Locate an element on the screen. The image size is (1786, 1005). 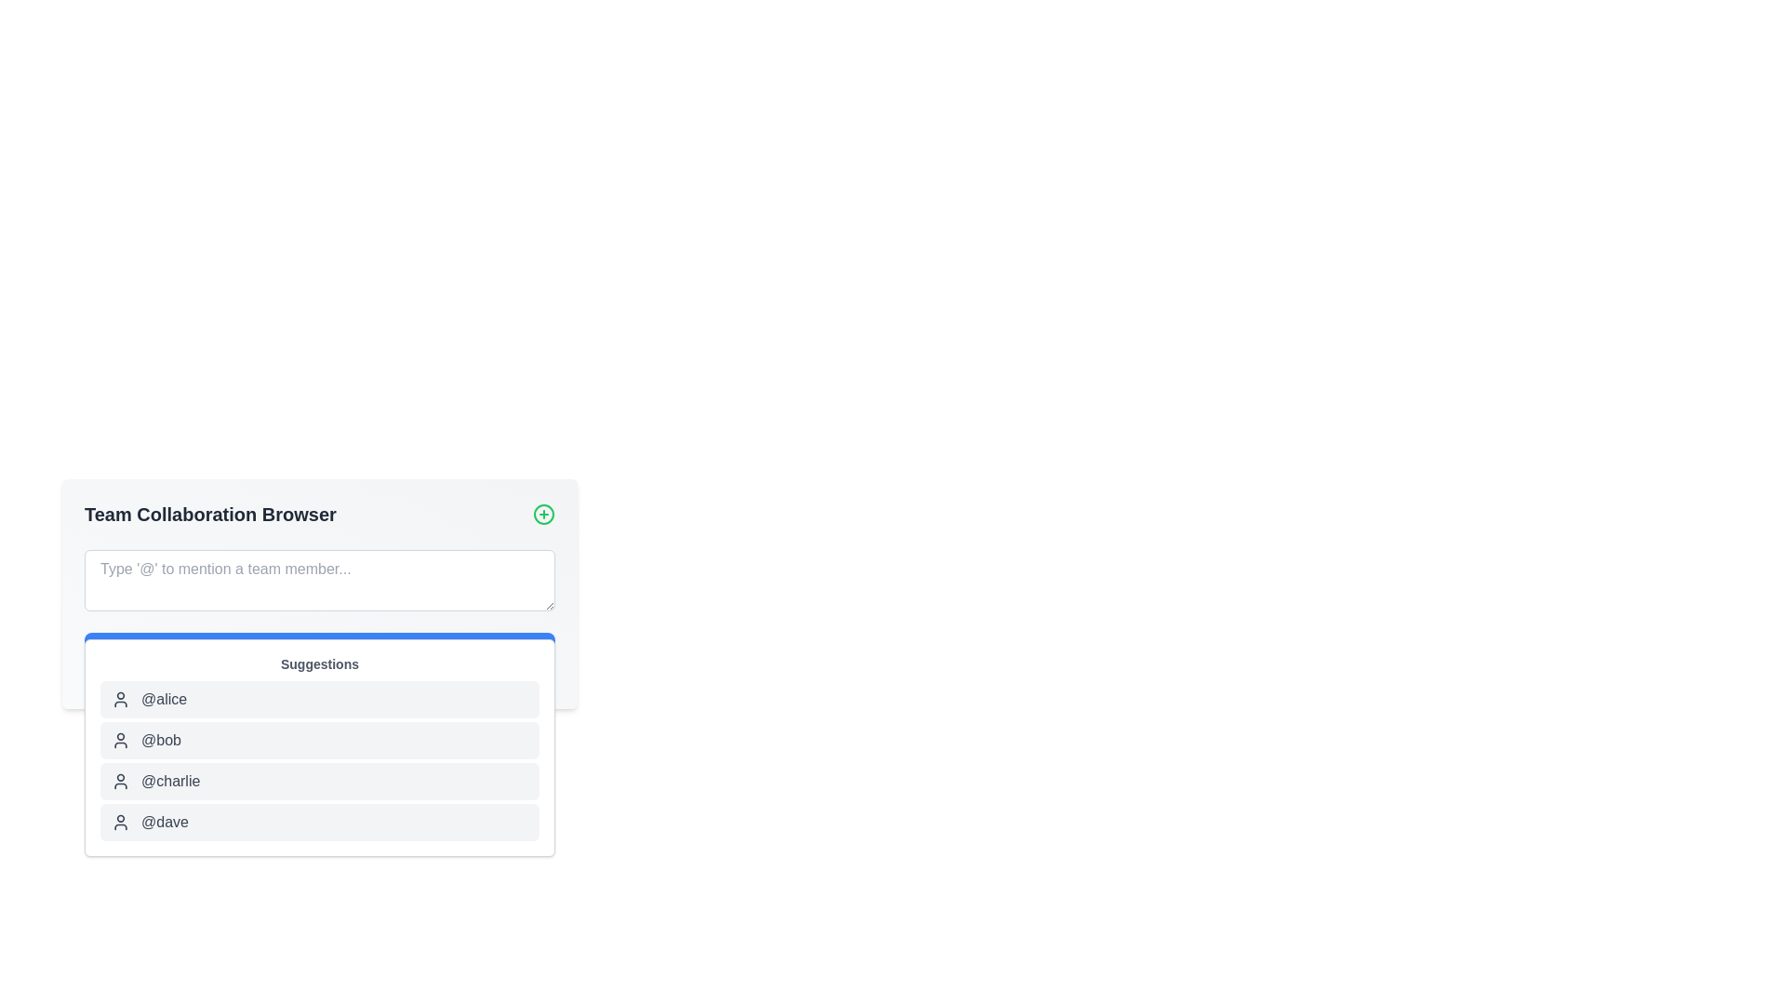
the 'Add' or 'Create' icon button located at the far right of the 'Team Collaboration Browser' header bar is located at coordinates (543, 514).